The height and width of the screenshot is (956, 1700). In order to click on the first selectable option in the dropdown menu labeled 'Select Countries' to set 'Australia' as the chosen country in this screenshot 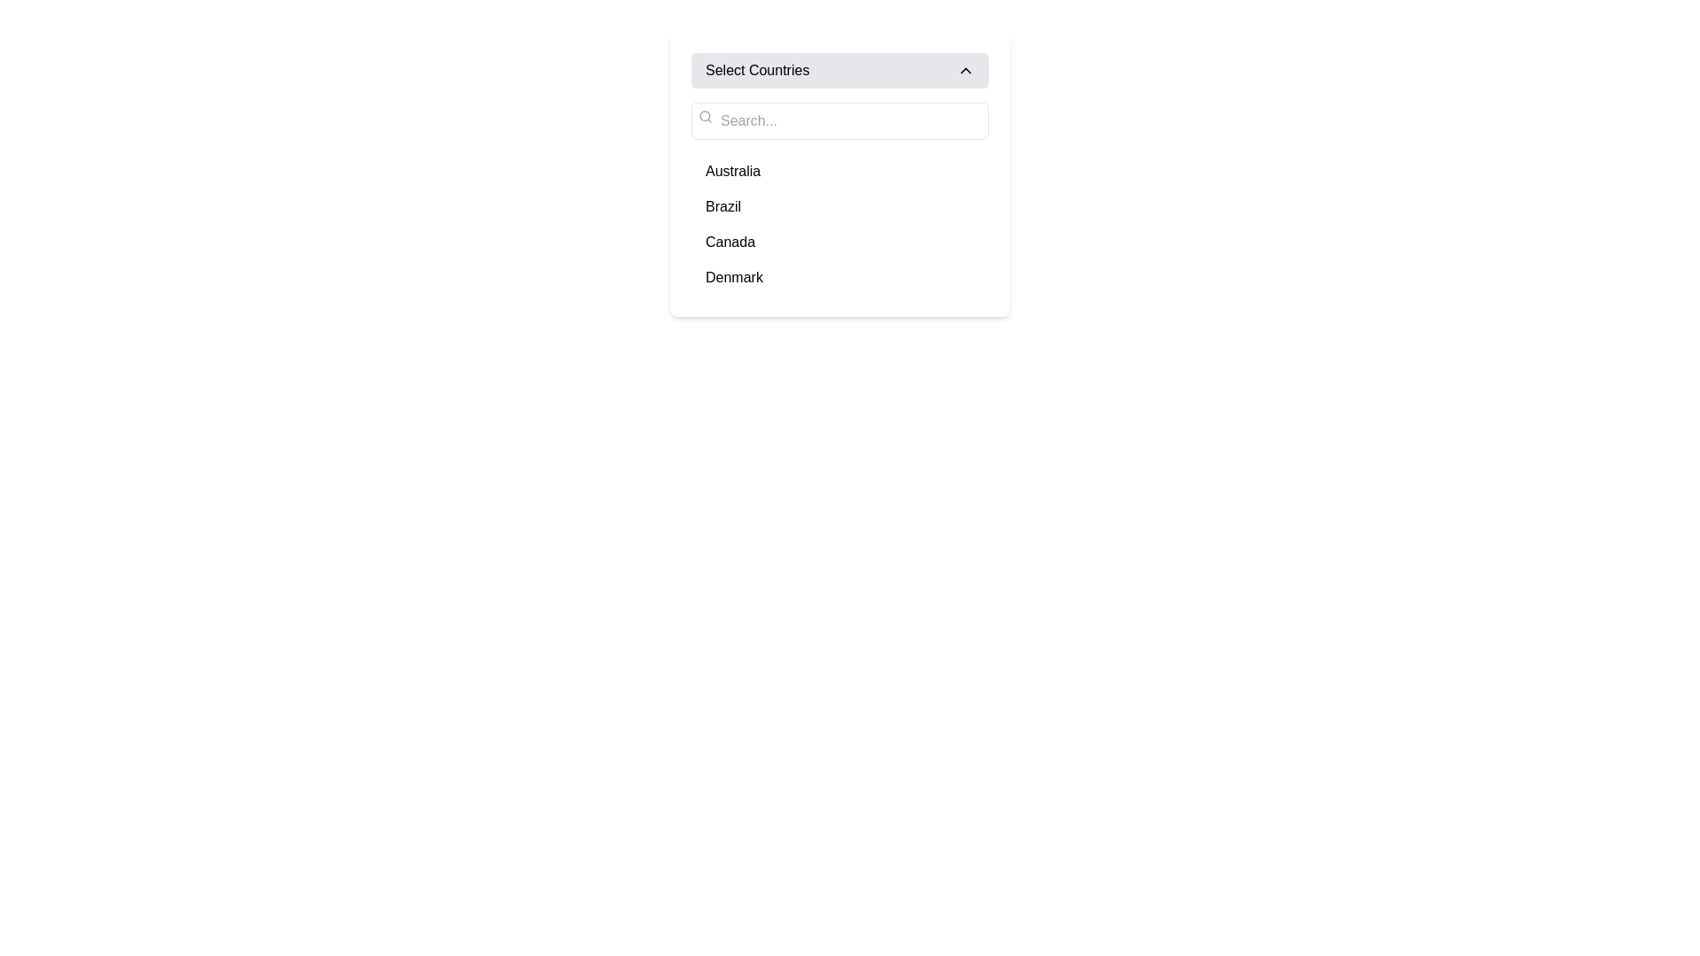, I will do `click(733, 171)`.